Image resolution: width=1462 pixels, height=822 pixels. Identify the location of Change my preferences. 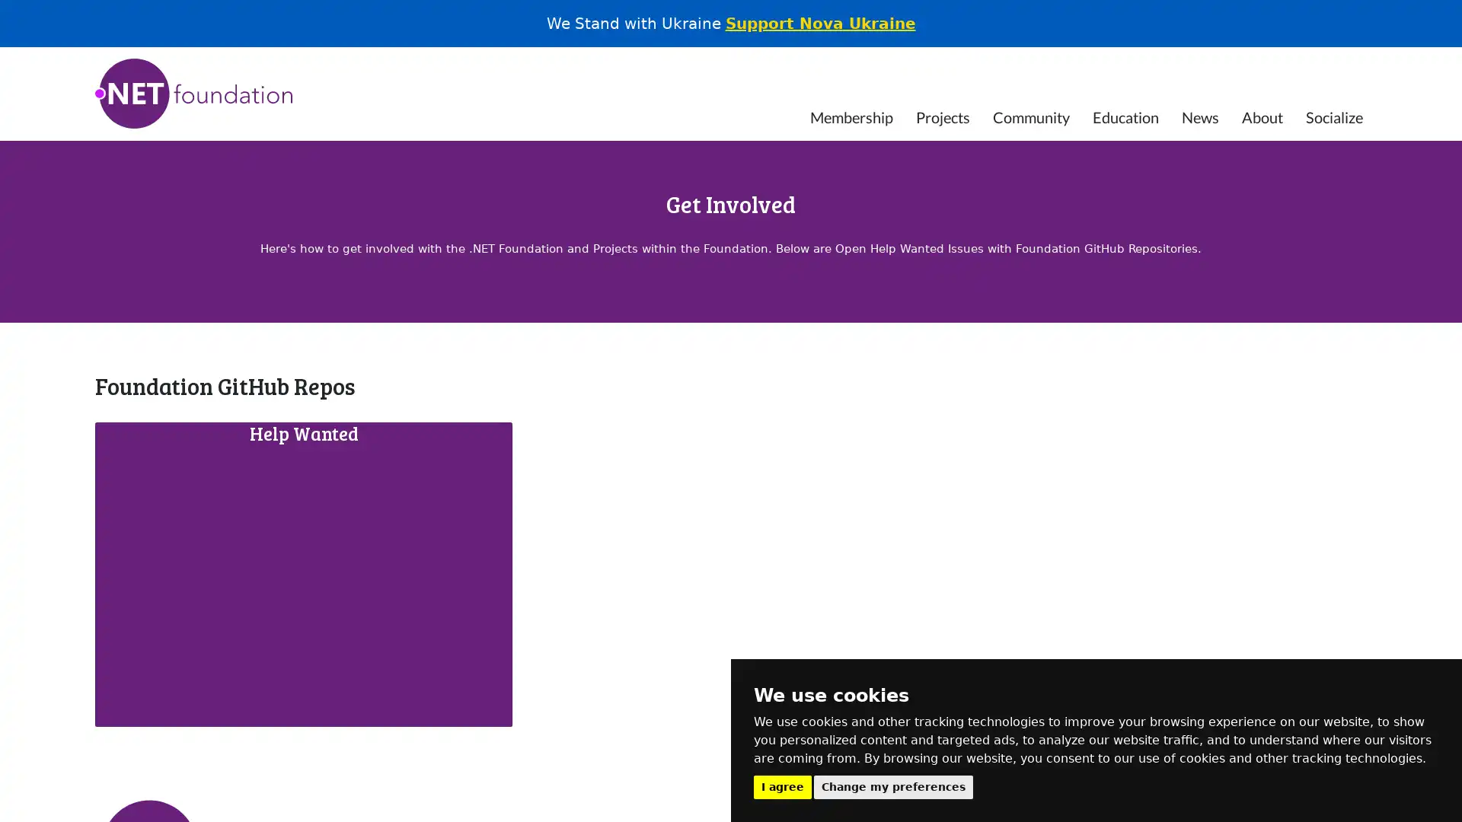
(892, 787).